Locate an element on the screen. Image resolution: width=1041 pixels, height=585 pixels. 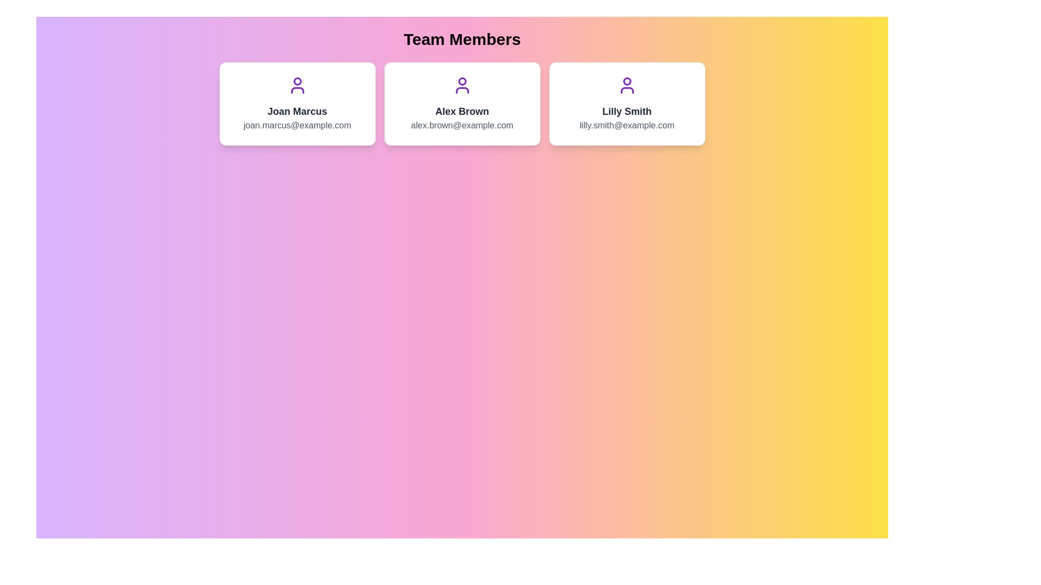
the distinct card that contains the name 'Alex Brown' and an email address, located in the second column of the grid layout is located at coordinates (462, 104).